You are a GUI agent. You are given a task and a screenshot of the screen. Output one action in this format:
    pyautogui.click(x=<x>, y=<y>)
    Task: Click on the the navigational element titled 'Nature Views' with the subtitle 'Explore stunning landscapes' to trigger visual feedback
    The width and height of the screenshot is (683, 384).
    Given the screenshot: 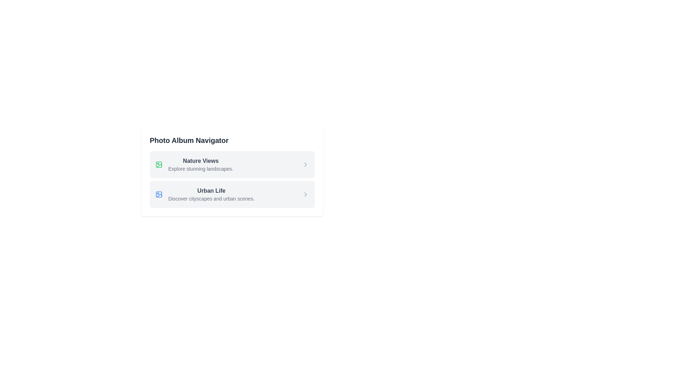 What is the action you would take?
    pyautogui.click(x=232, y=164)
    